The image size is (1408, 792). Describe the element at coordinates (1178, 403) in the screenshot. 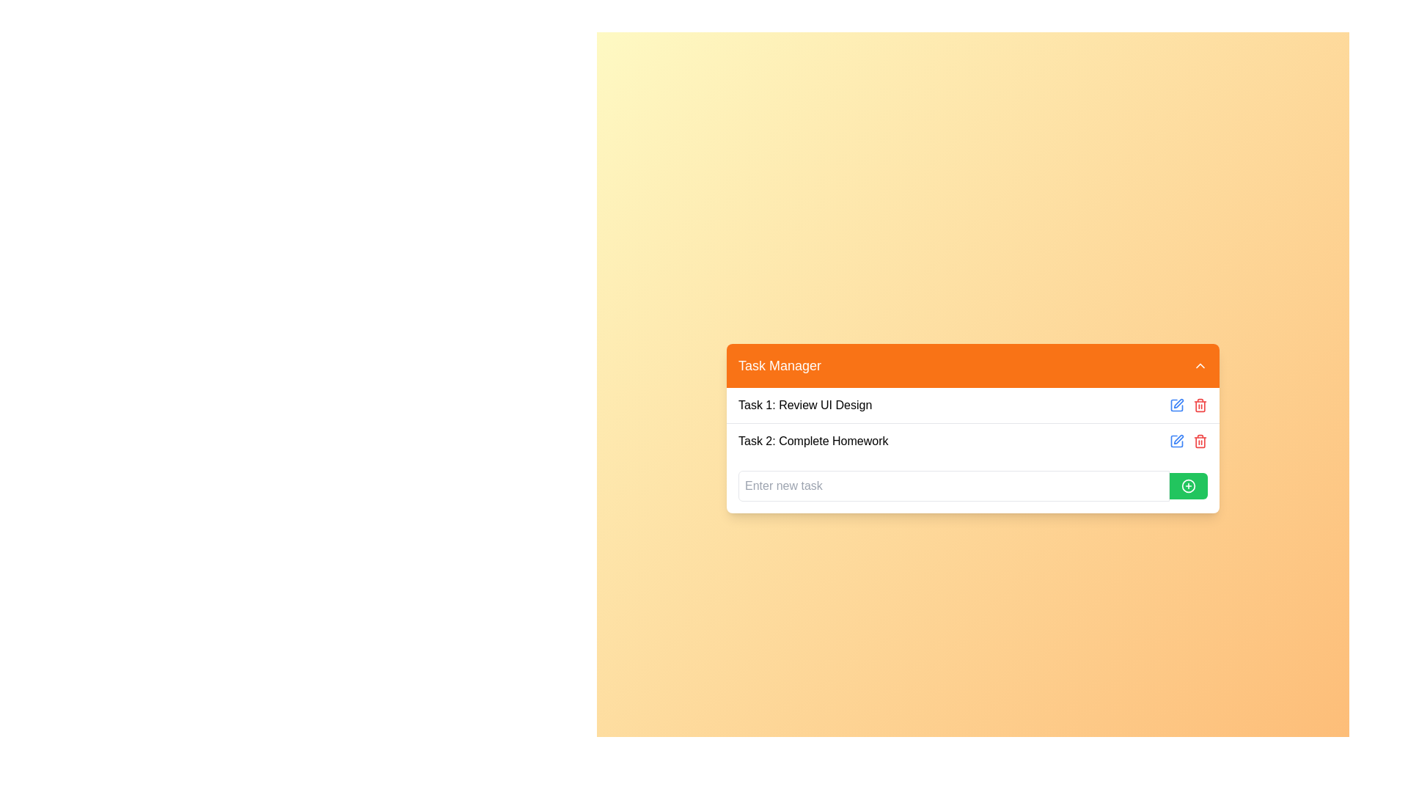

I see `the icon button located in the upper-right corner of the 'Task Manager' card` at that location.